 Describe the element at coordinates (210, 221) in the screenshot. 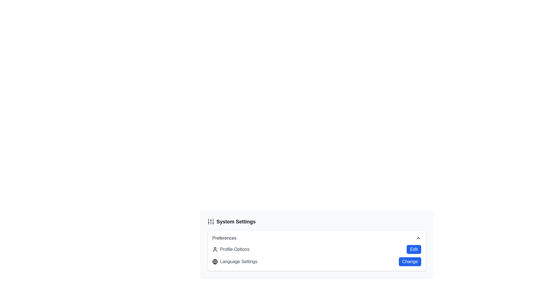

I see `the vertically aligned sliders icon, which is styled in gray and located to the left of the 'System Settings' text in the title bar` at that location.